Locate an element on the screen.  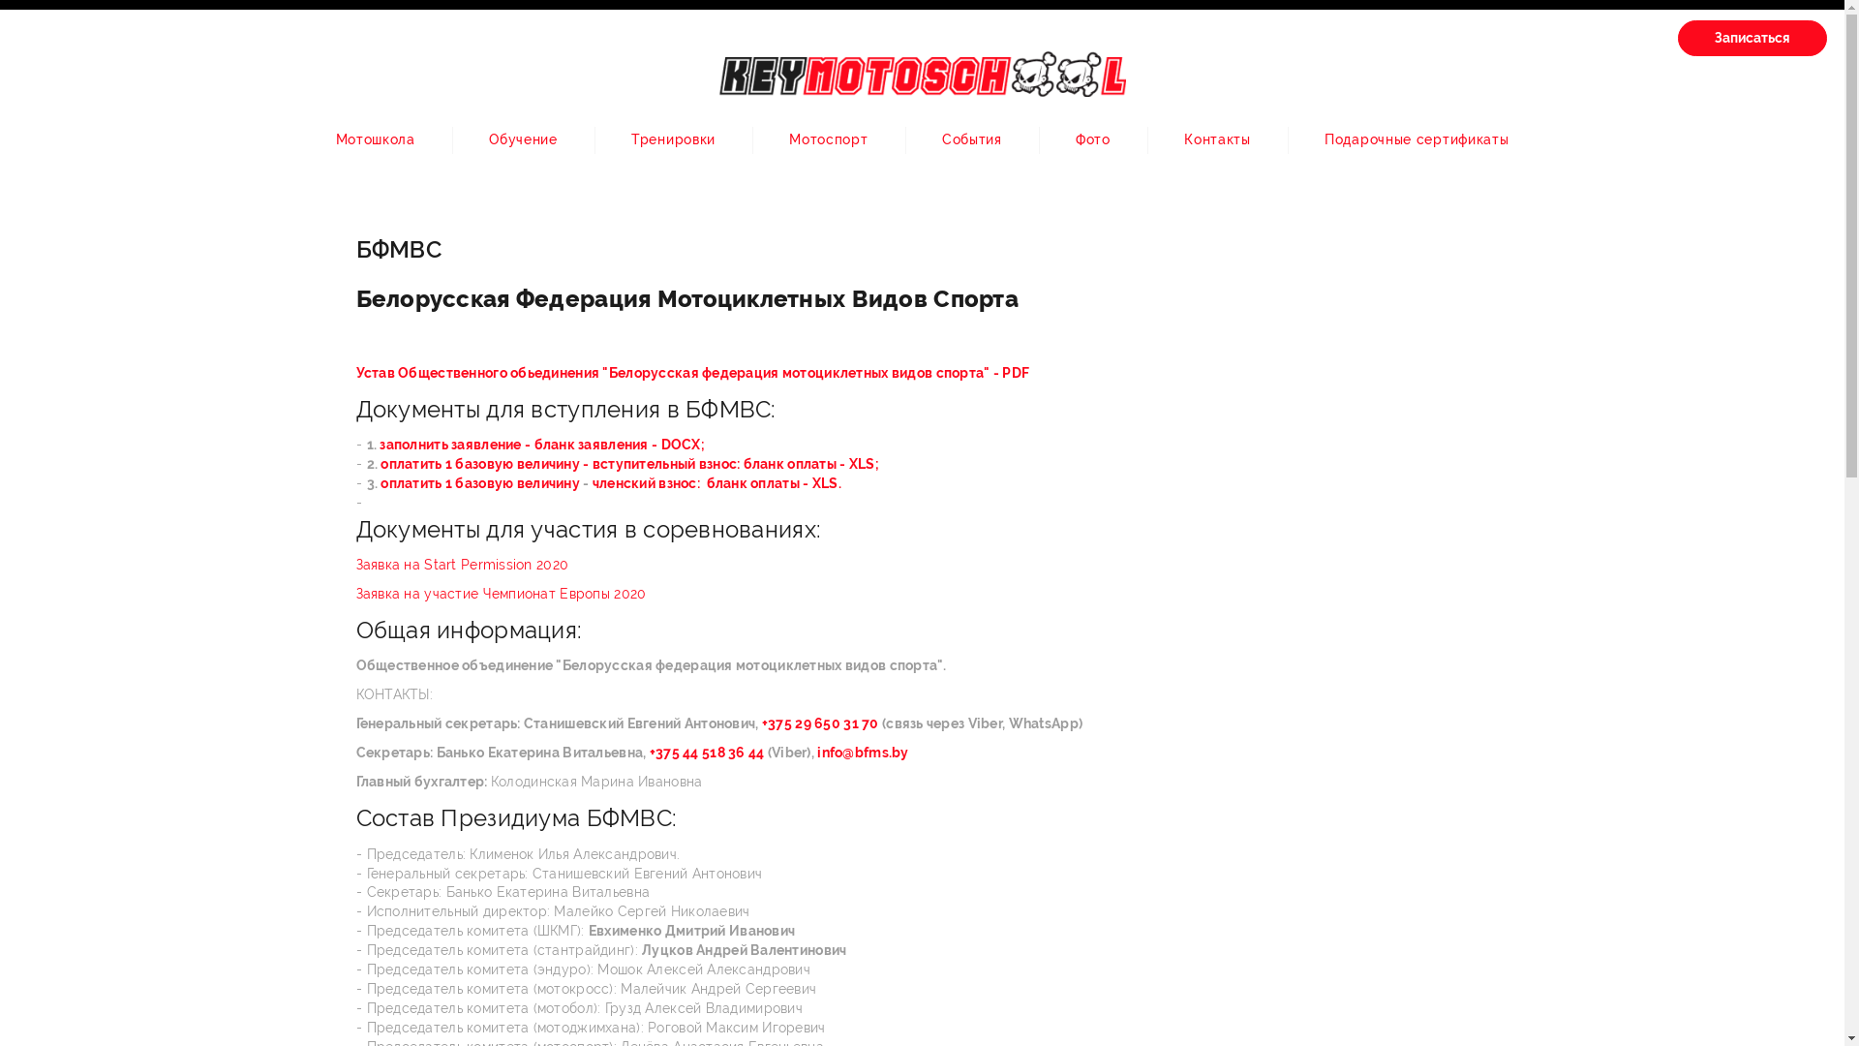
'bfms.by' is located at coordinates (881, 751).